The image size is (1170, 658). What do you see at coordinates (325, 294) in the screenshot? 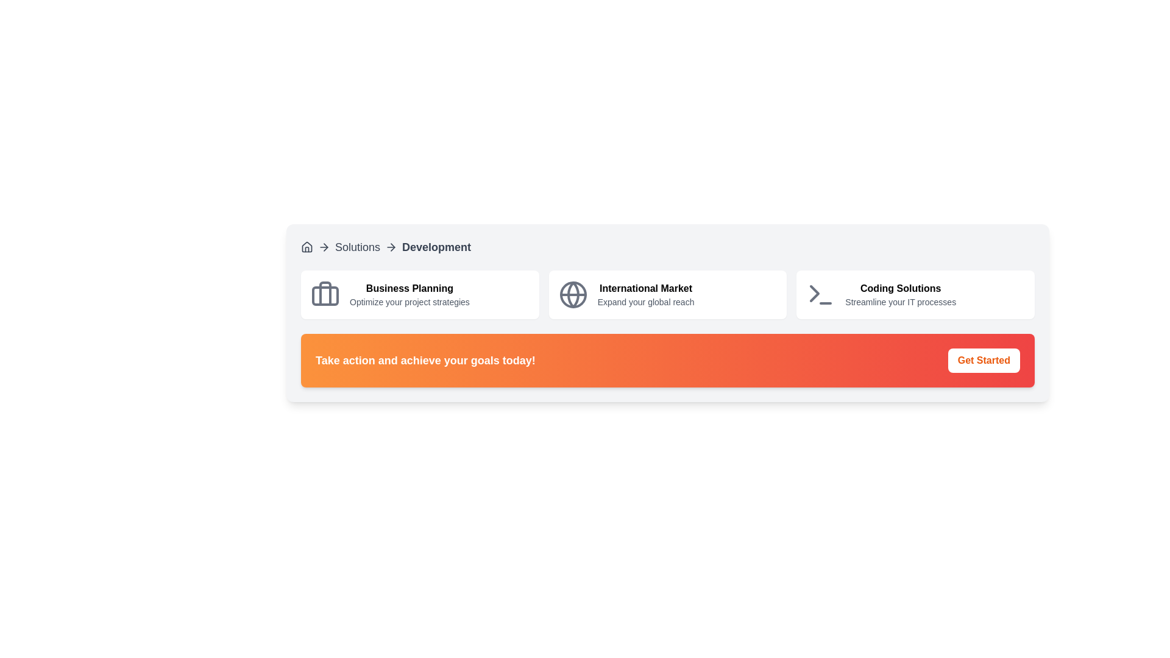
I see `the vertical handle segment of the briefcase icon located in the Business Planning tile` at bounding box center [325, 294].